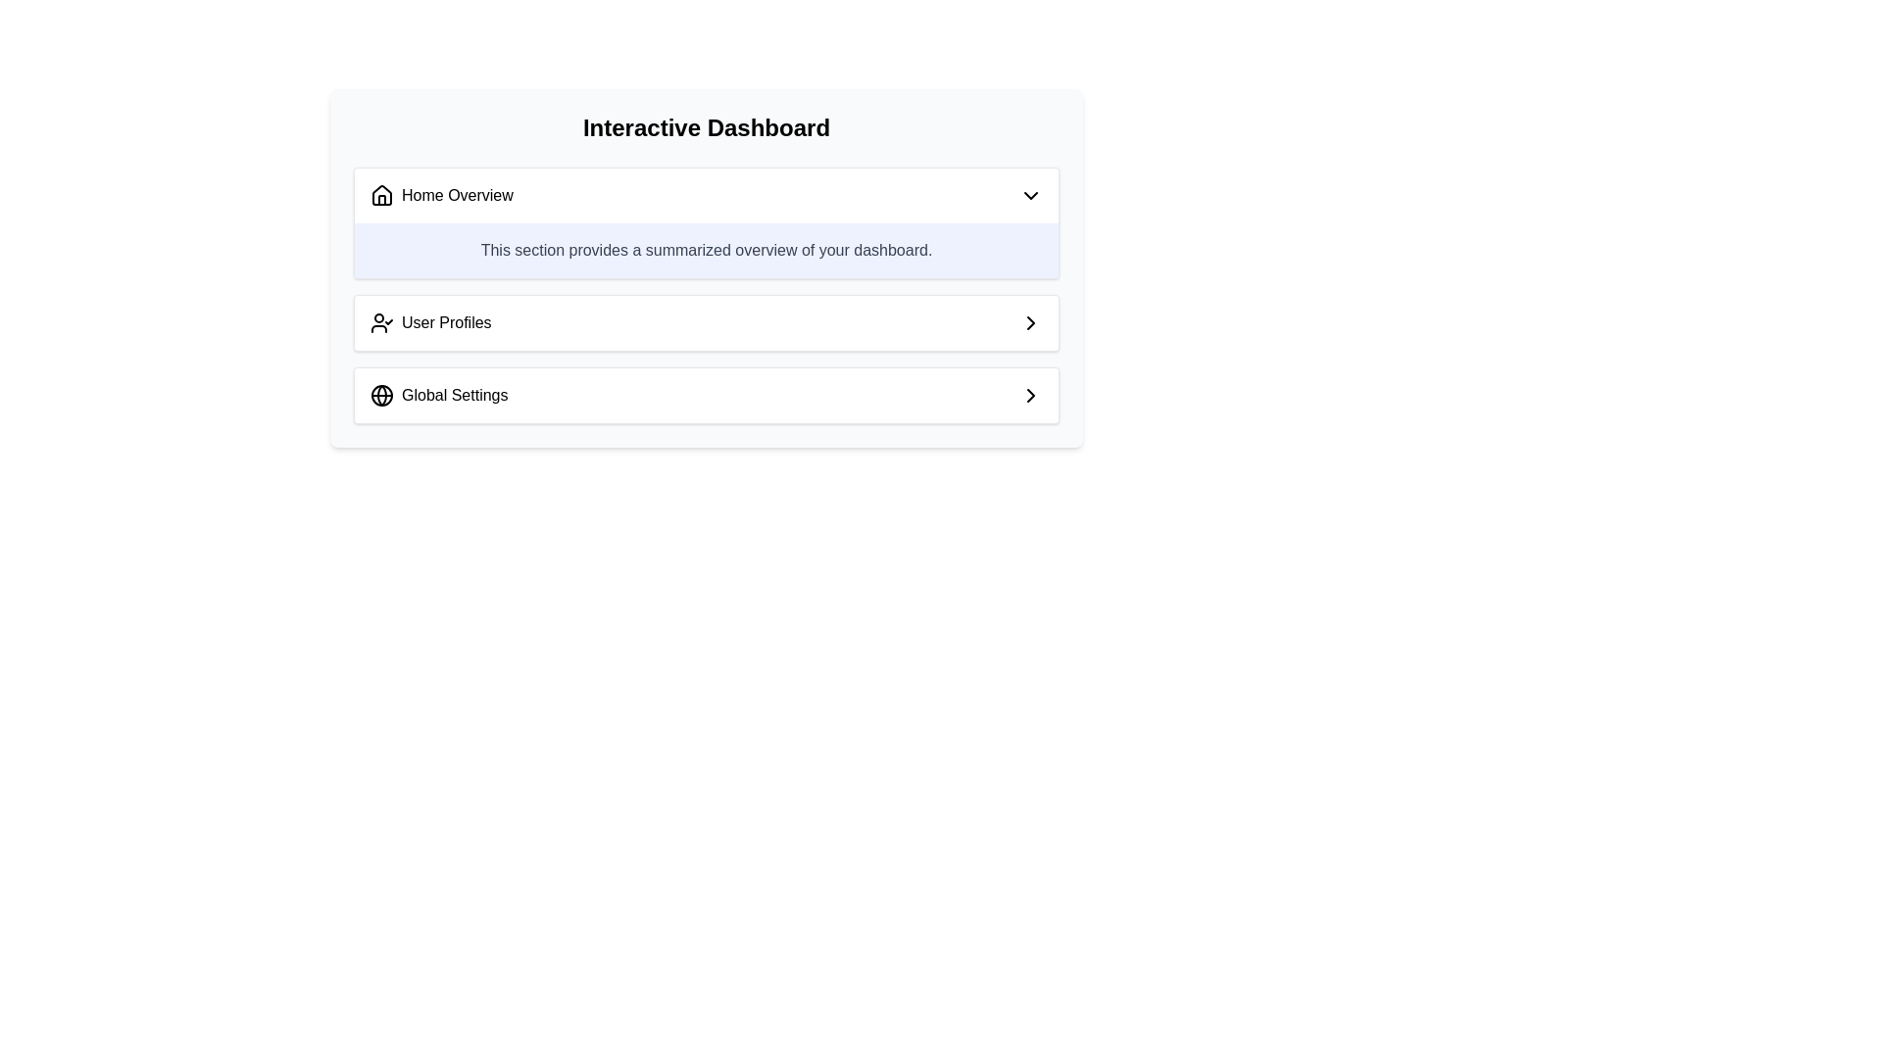 The height and width of the screenshot is (1058, 1882). Describe the element at coordinates (706, 128) in the screenshot. I see `the prominently displayed header 'Interactive Dashboard' at the top-center of the card-like interface` at that location.